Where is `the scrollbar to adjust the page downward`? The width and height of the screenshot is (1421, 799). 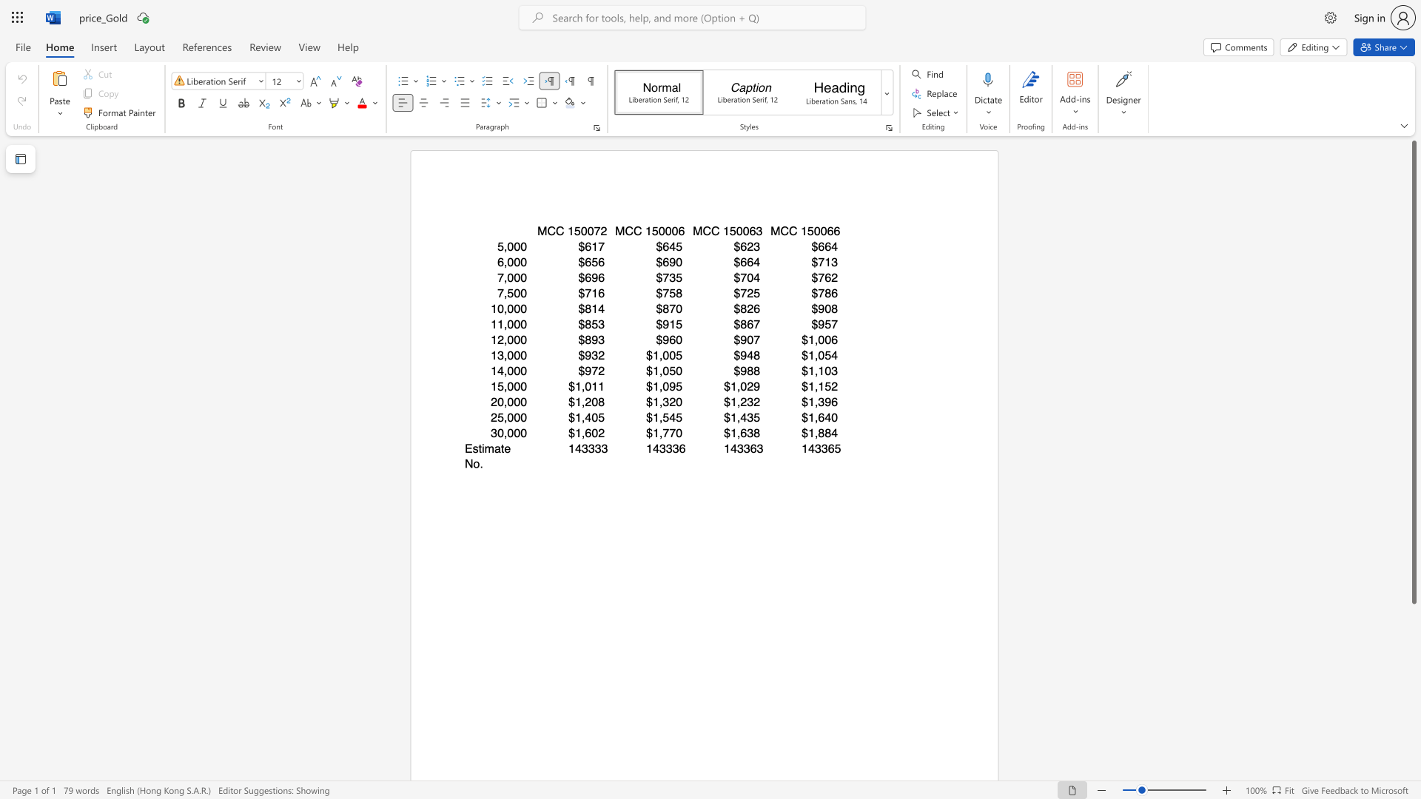 the scrollbar to adjust the page downward is located at coordinates (1413, 761).